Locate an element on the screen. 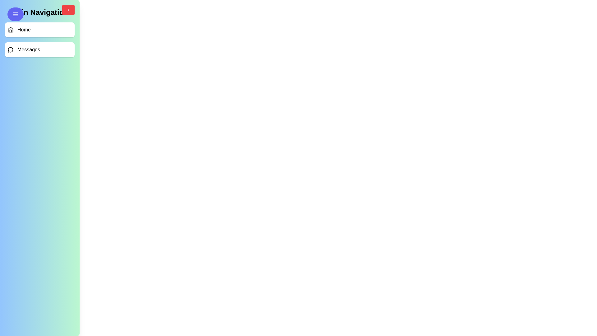 Image resolution: width=597 pixels, height=336 pixels. the 'Home' navigational button located in the left-side navigation bar, positioned above the 'Messages' button is located at coordinates (39, 30).